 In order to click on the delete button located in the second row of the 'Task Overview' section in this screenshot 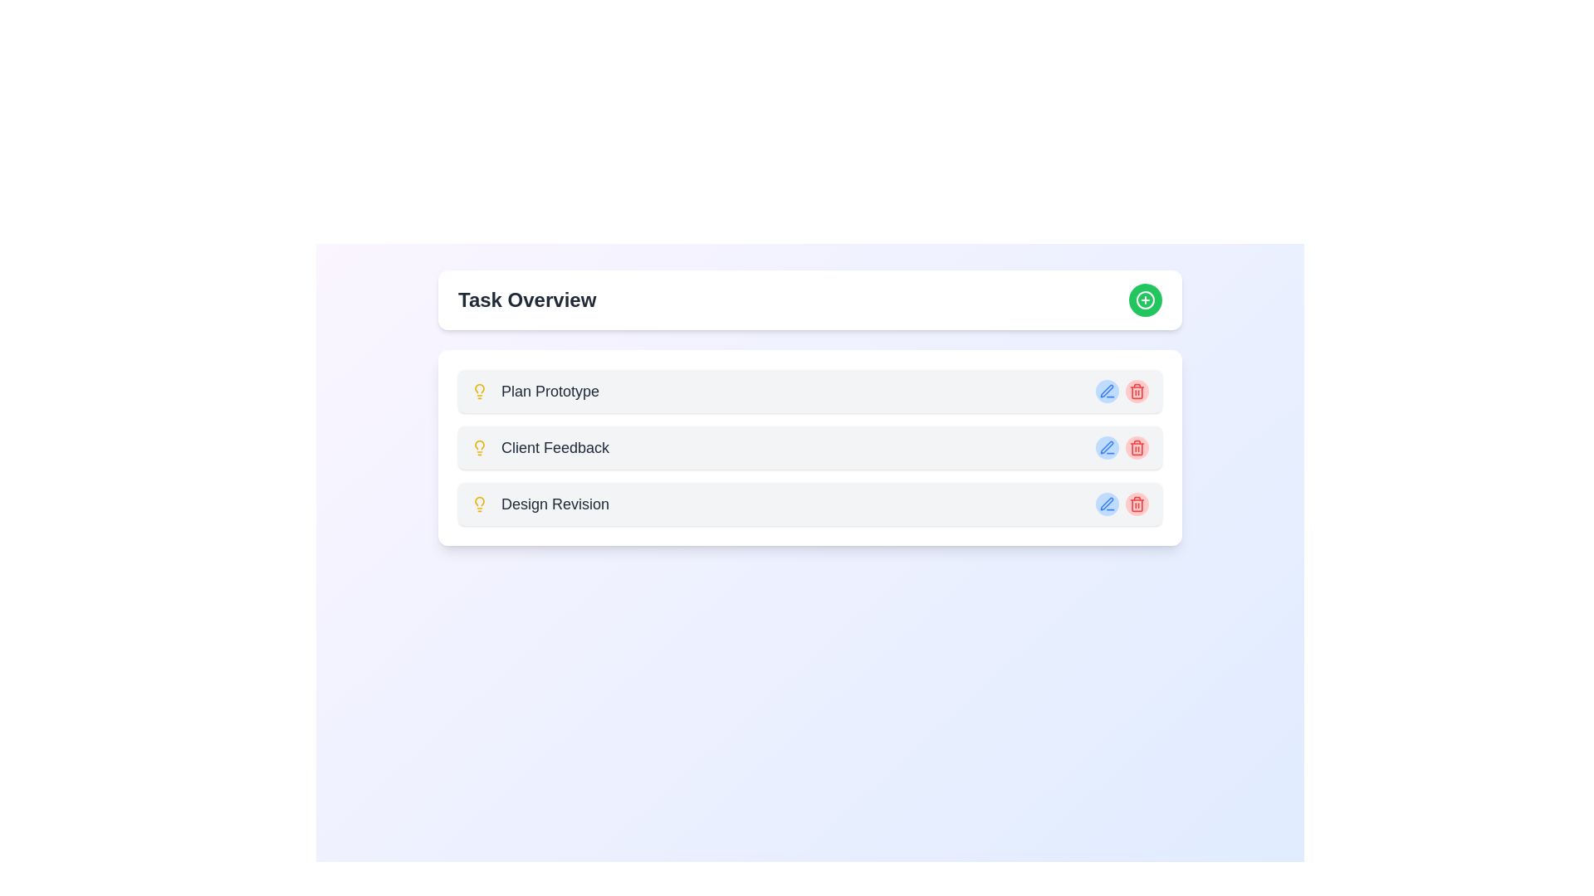, I will do `click(1136, 448)`.